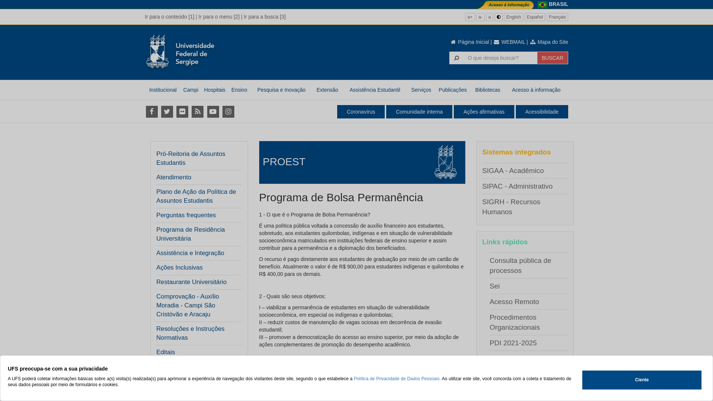 The image size is (713, 401). What do you see at coordinates (514, 301) in the screenshot?
I see `'Acesso Remoto'` at bounding box center [514, 301].